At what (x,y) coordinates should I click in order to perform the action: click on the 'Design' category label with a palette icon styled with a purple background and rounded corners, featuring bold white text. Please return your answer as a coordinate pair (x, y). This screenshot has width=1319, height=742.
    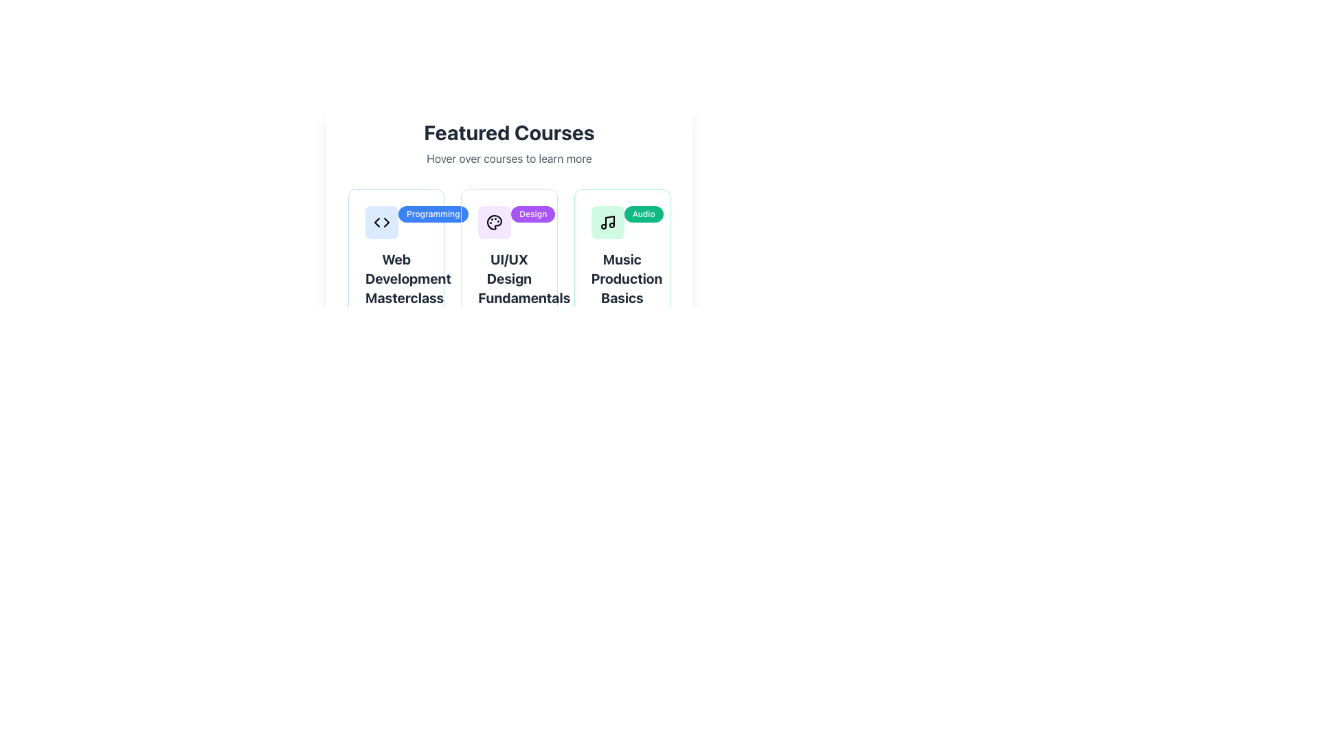
    Looking at the image, I should click on (508, 222).